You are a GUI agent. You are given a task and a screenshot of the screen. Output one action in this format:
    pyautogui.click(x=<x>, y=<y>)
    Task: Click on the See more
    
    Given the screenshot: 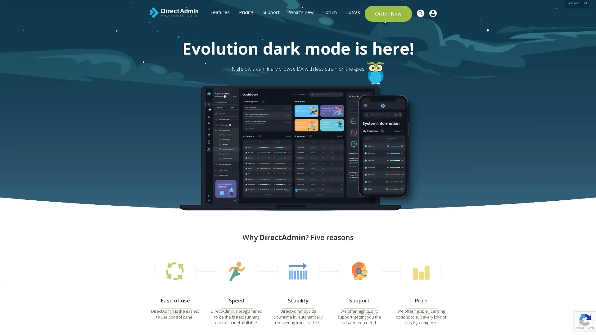 What is the action you would take?
    pyautogui.click(x=140, y=137)
    